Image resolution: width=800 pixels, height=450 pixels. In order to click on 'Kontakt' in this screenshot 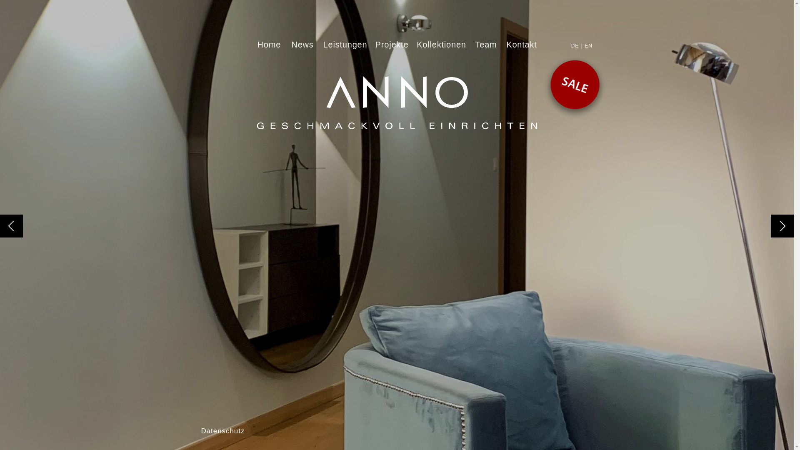, I will do `click(521, 45)`.